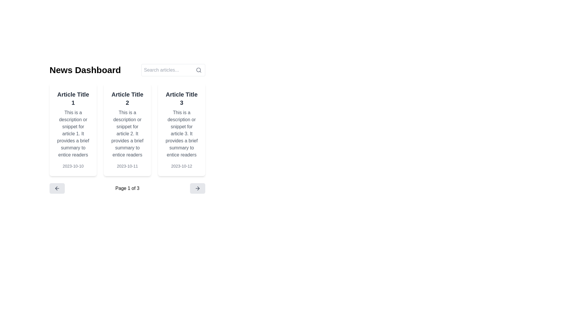 This screenshot has height=317, width=563. What do you see at coordinates (181, 166) in the screenshot?
I see `publication date text displayed at the bottom of the third card in the News Dashboard section, located below the description text` at bounding box center [181, 166].